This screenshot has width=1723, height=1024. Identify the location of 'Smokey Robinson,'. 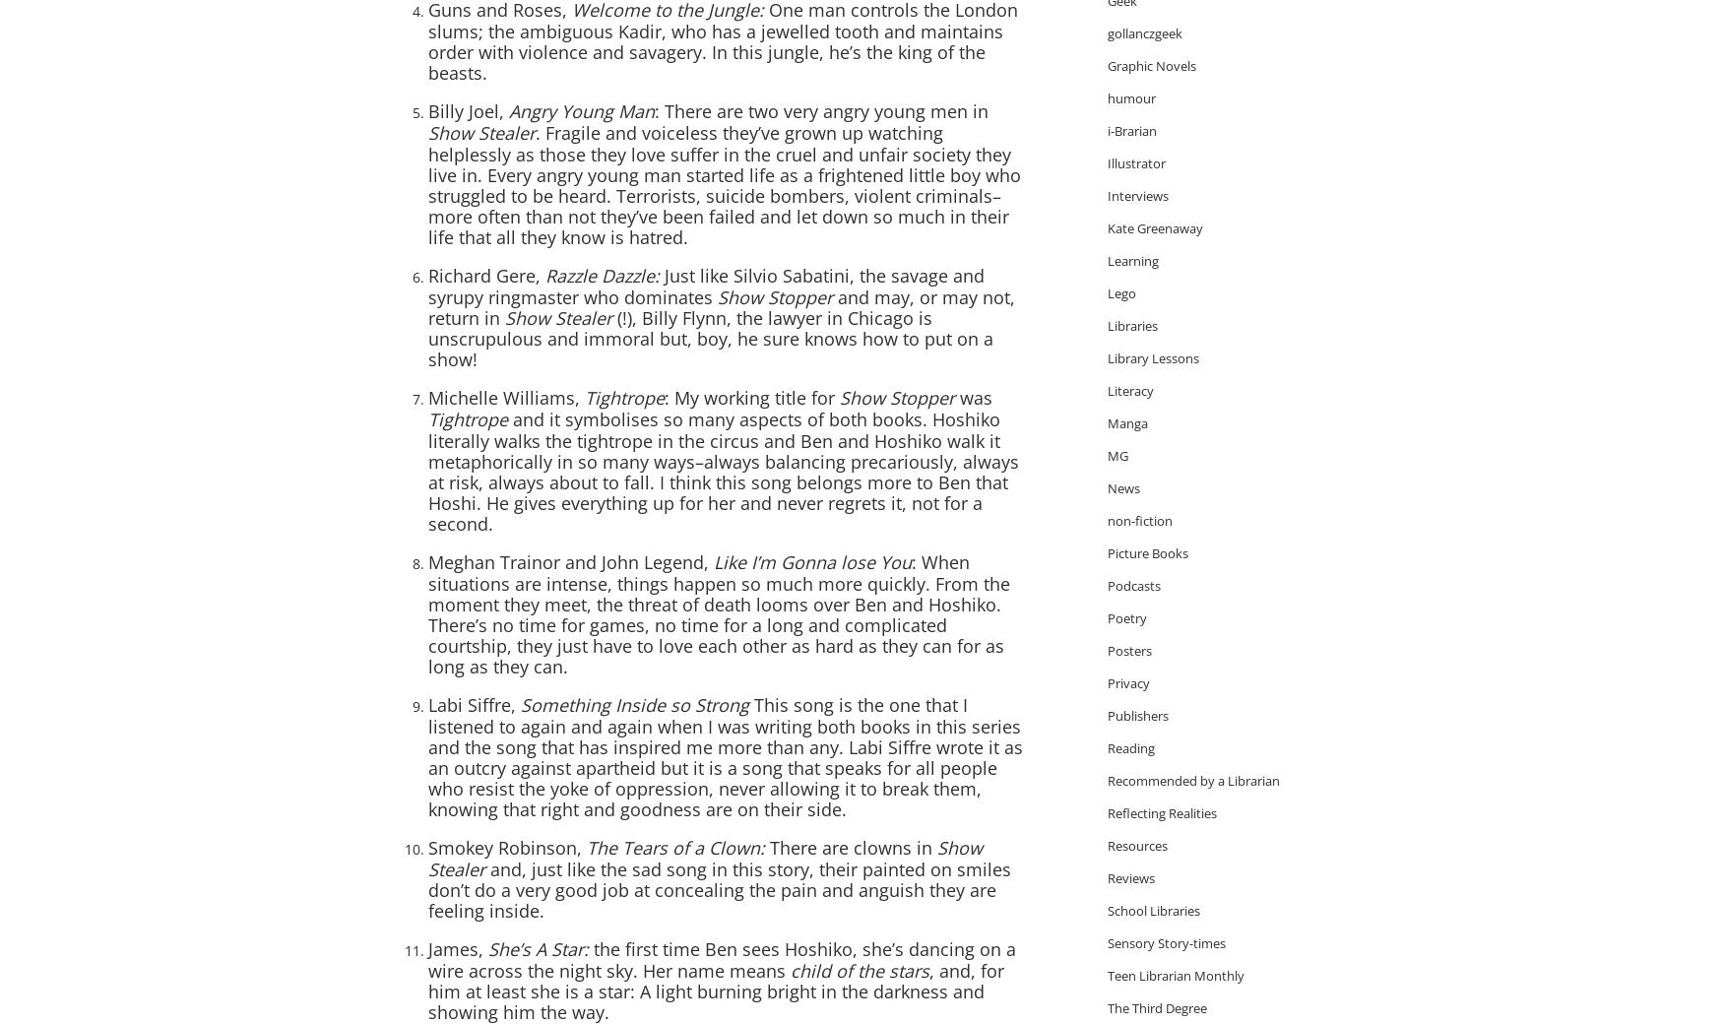
(506, 847).